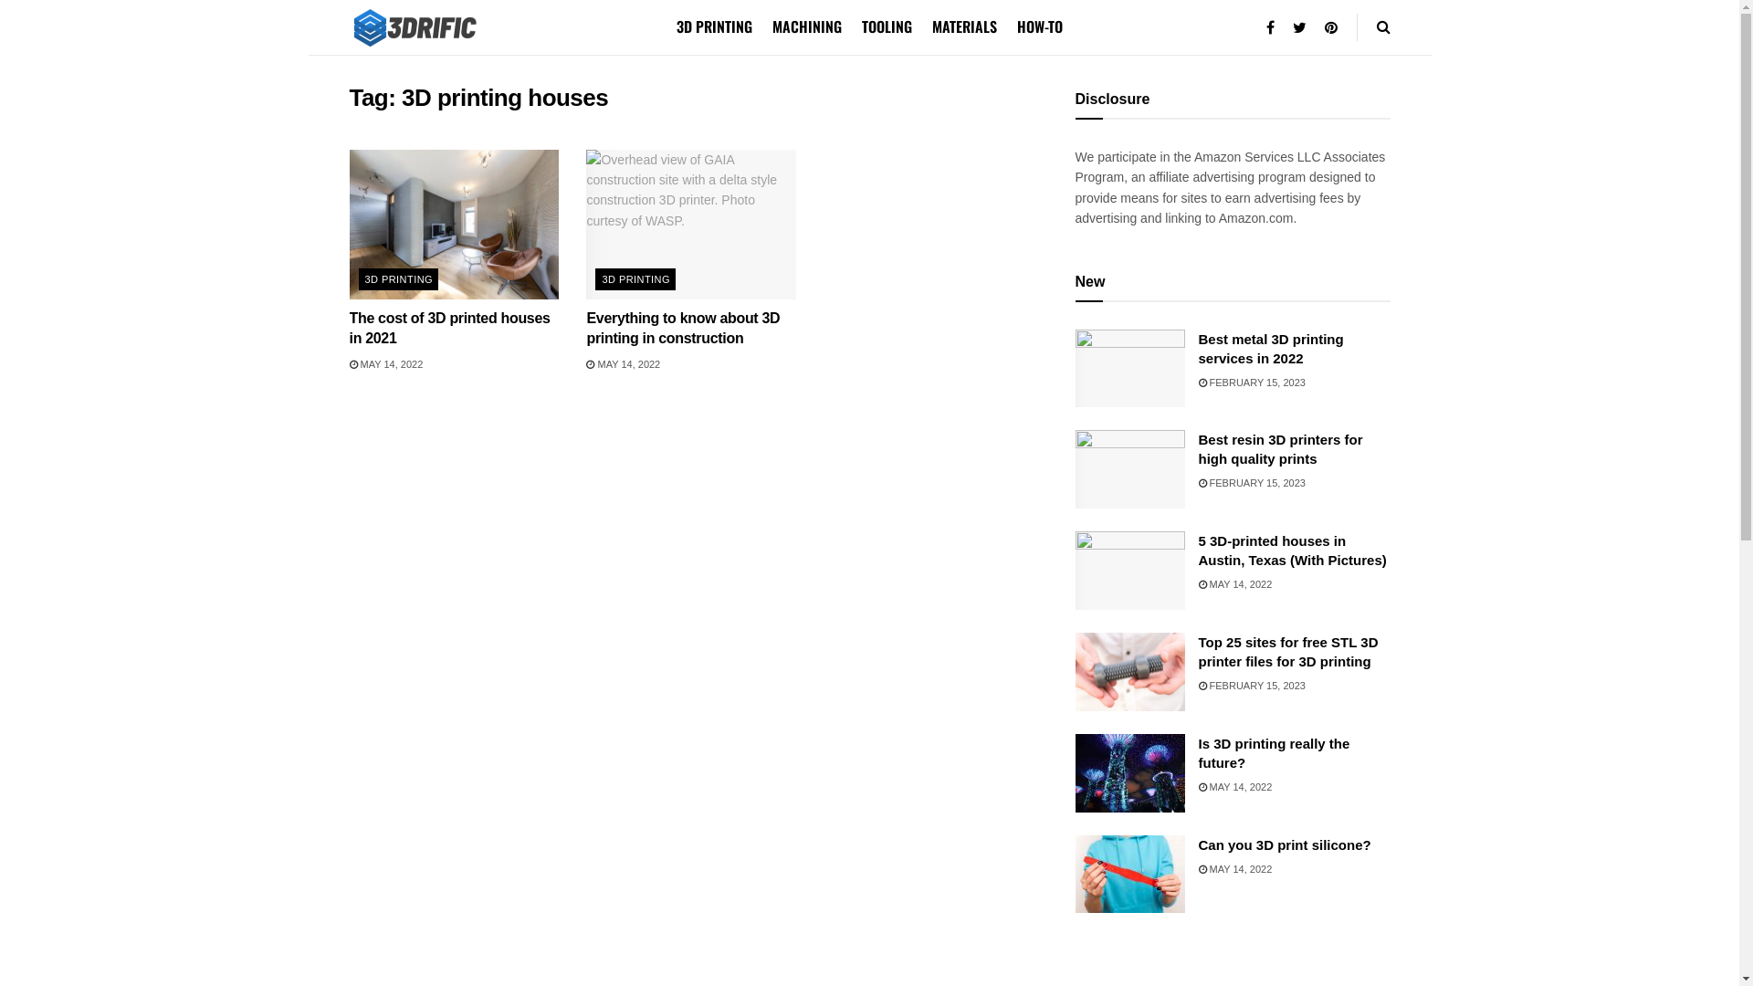 The image size is (1753, 986). Describe the element at coordinates (384, 363) in the screenshot. I see `'MAY 14, 2022'` at that location.